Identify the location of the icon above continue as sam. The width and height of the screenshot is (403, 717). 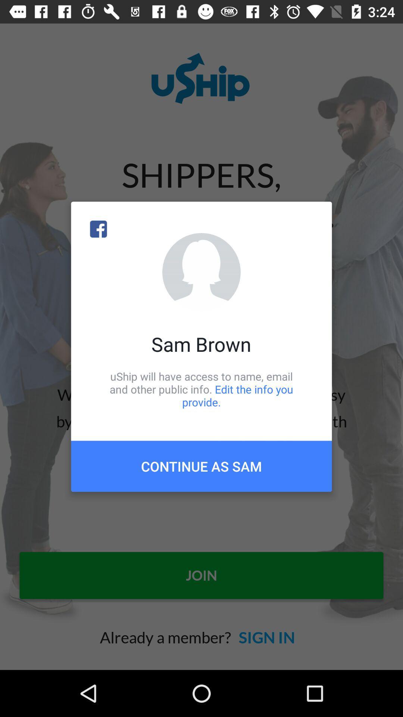
(201, 389).